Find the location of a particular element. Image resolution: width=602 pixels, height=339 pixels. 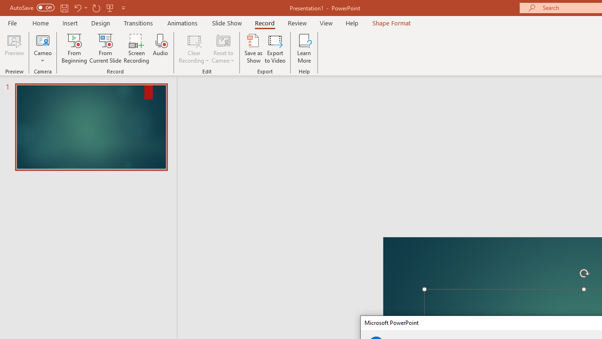

'Insert' is located at coordinates (70, 23).